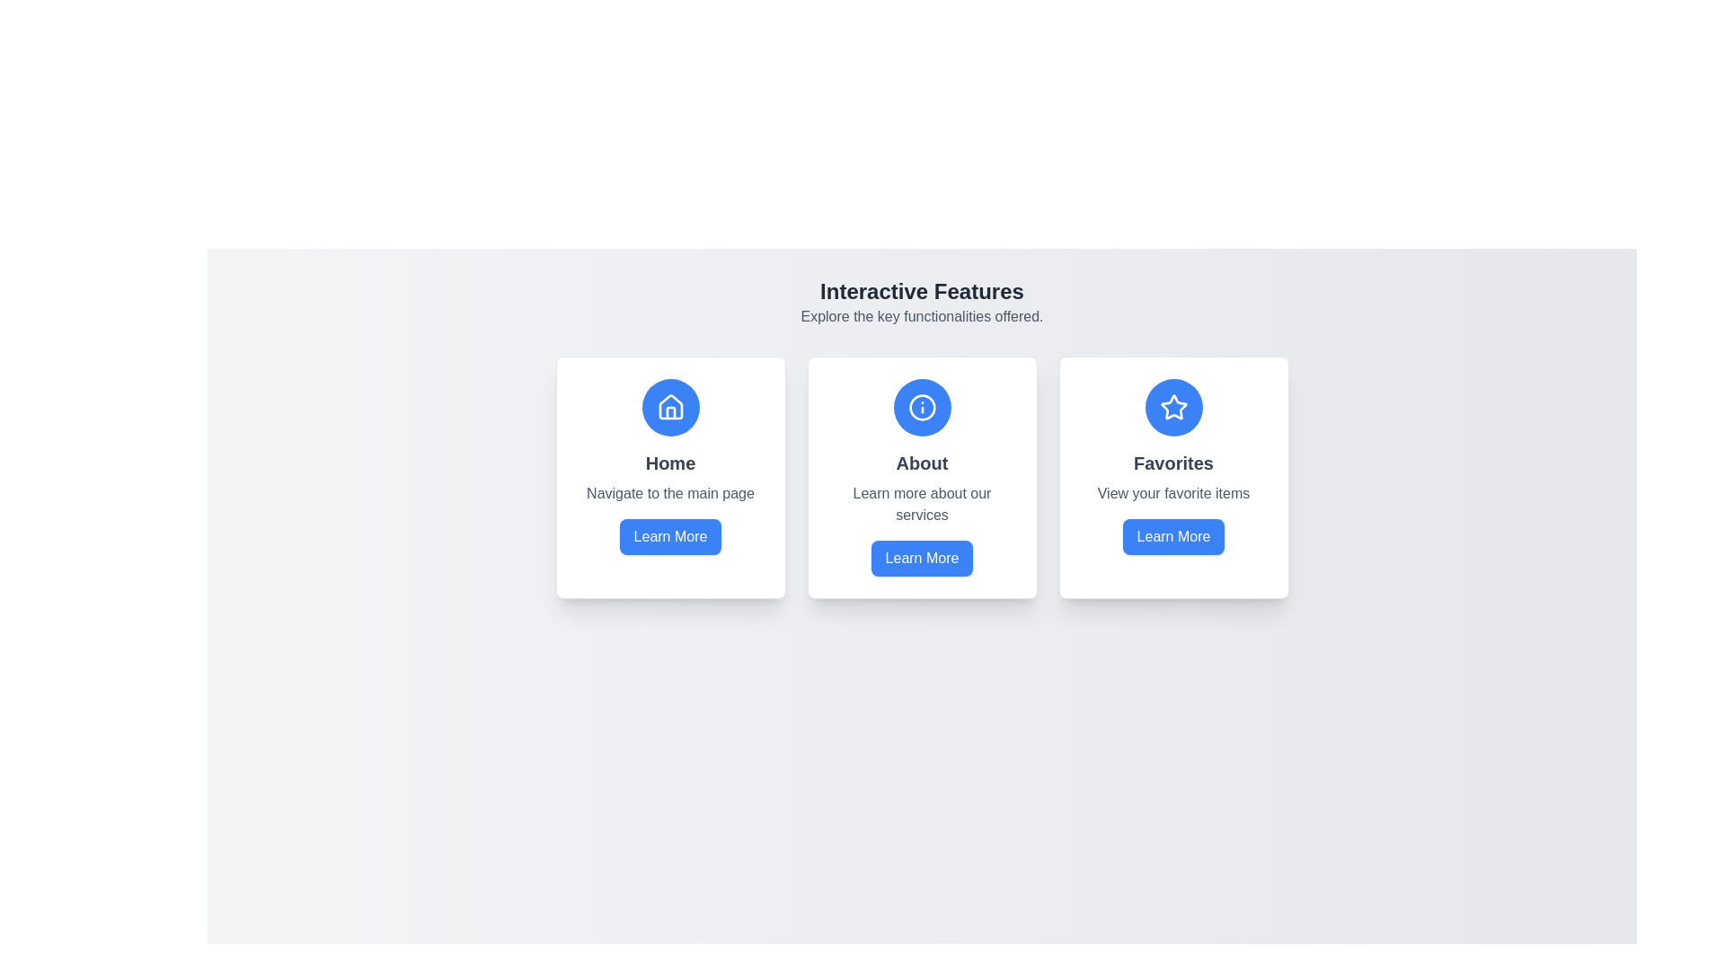 The image size is (1725, 970). I want to click on the information indicator icon located in the 'About' card, which visually supports the content of the card, containing the heading 'About' and the text 'Learn more about our services', so click(922, 408).